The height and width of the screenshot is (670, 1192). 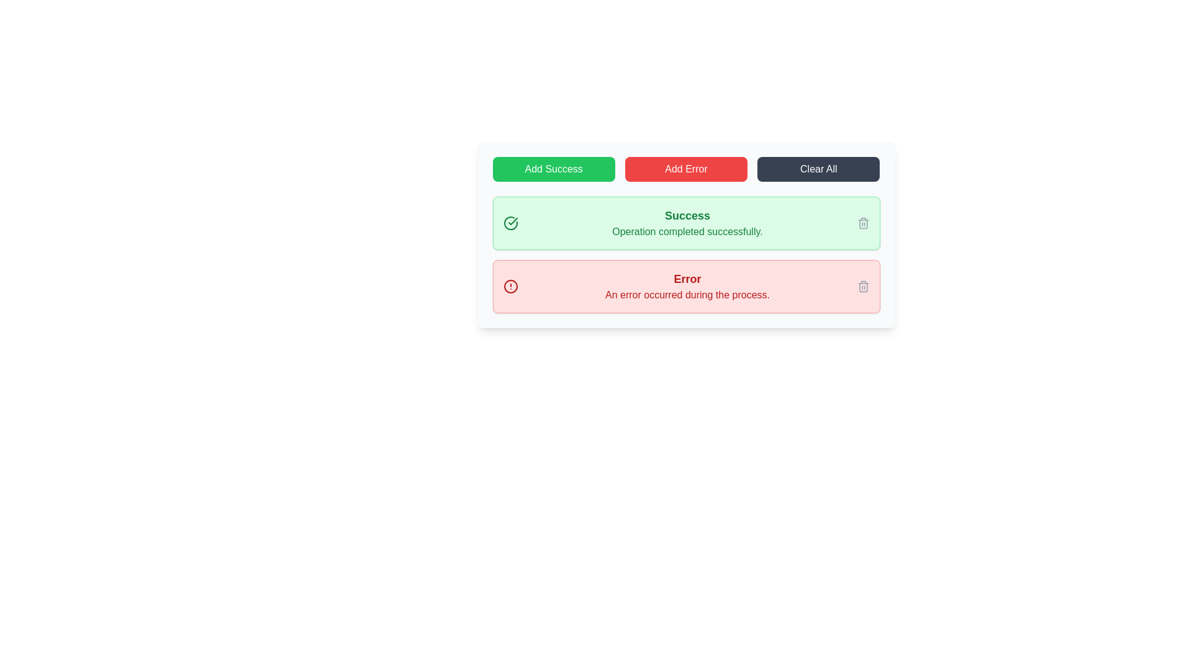 What do you see at coordinates (818, 169) in the screenshot?
I see `the rightmost button in the group of three buttons to clear all current notifications or data within the interface` at bounding box center [818, 169].